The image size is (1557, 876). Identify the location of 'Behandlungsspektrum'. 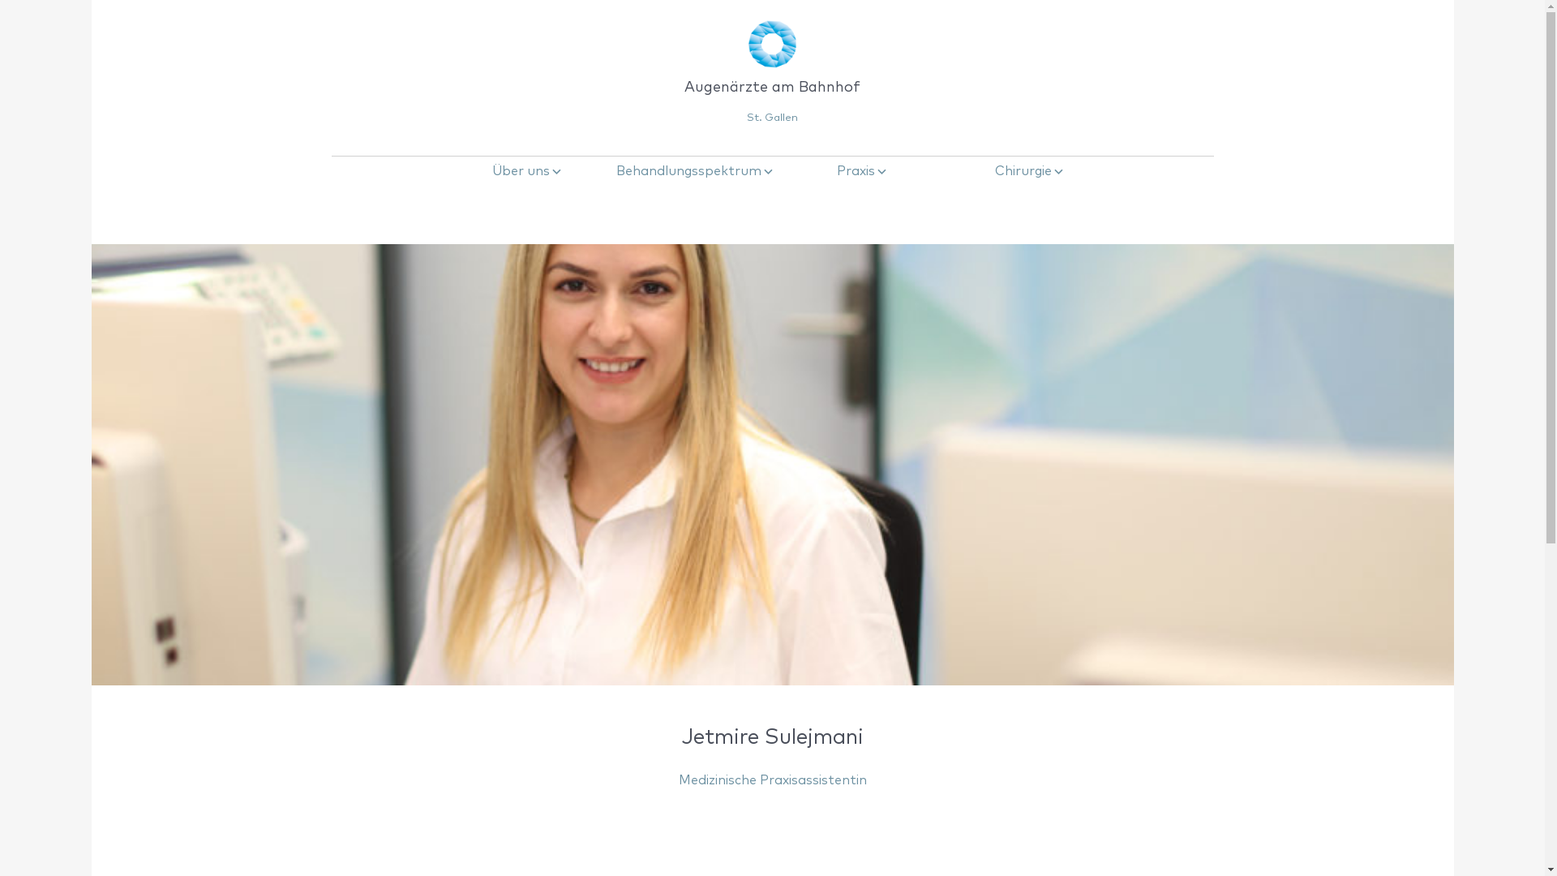
(688, 171).